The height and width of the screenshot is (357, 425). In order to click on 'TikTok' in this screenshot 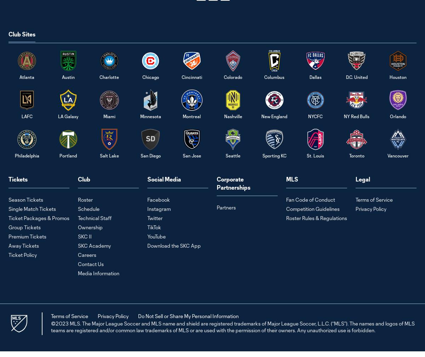, I will do `click(154, 227)`.